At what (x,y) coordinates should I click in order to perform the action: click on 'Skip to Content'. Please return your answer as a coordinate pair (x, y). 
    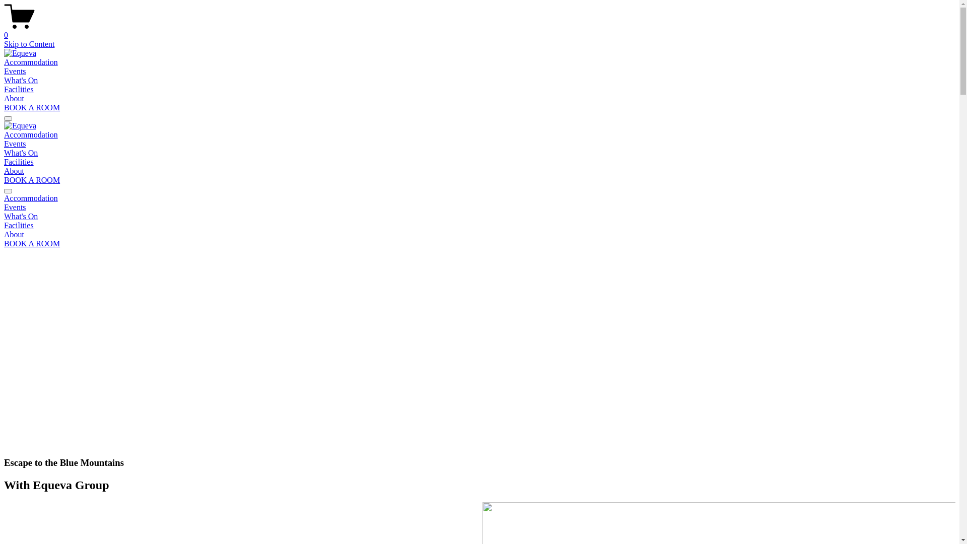
    Looking at the image, I should click on (29, 43).